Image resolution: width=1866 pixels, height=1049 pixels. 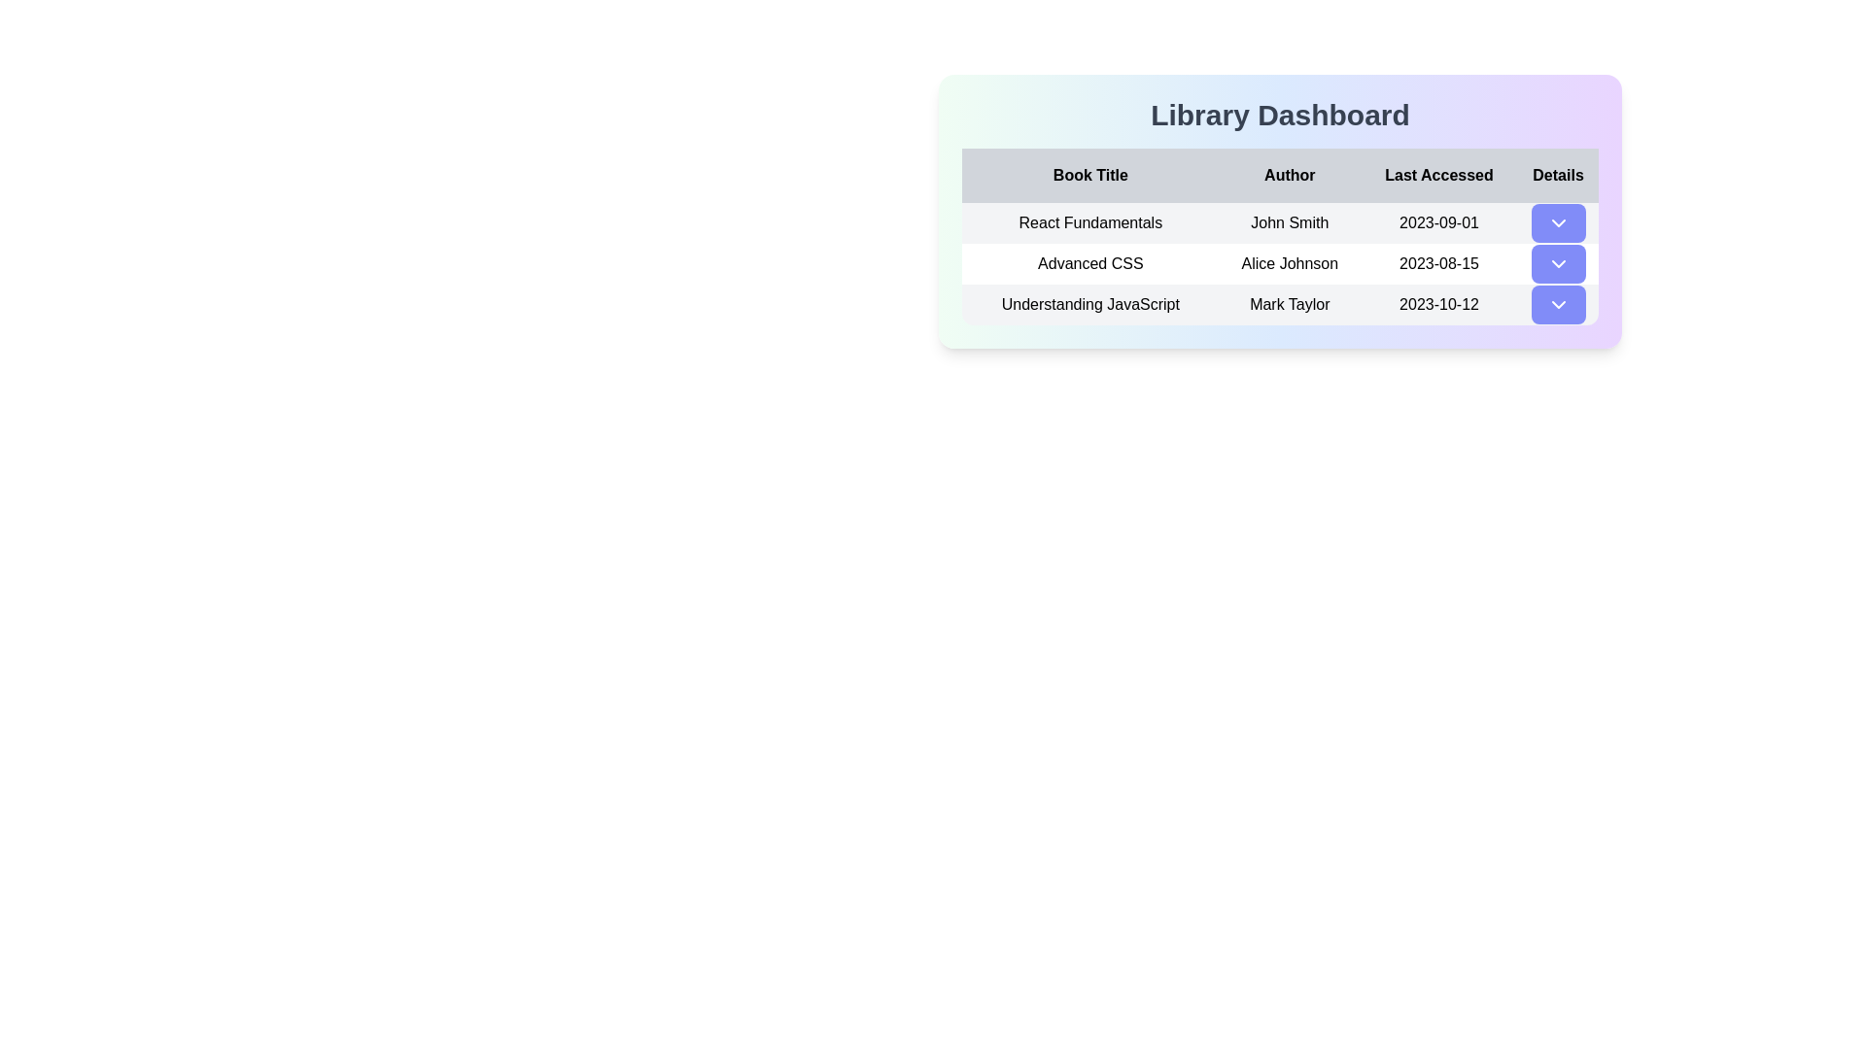 What do you see at coordinates (1439, 222) in the screenshot?
I see `the text display showing the date '2023-09-01' in the 'Last Accessed' column of the table` at bounding box center [1439, 222].